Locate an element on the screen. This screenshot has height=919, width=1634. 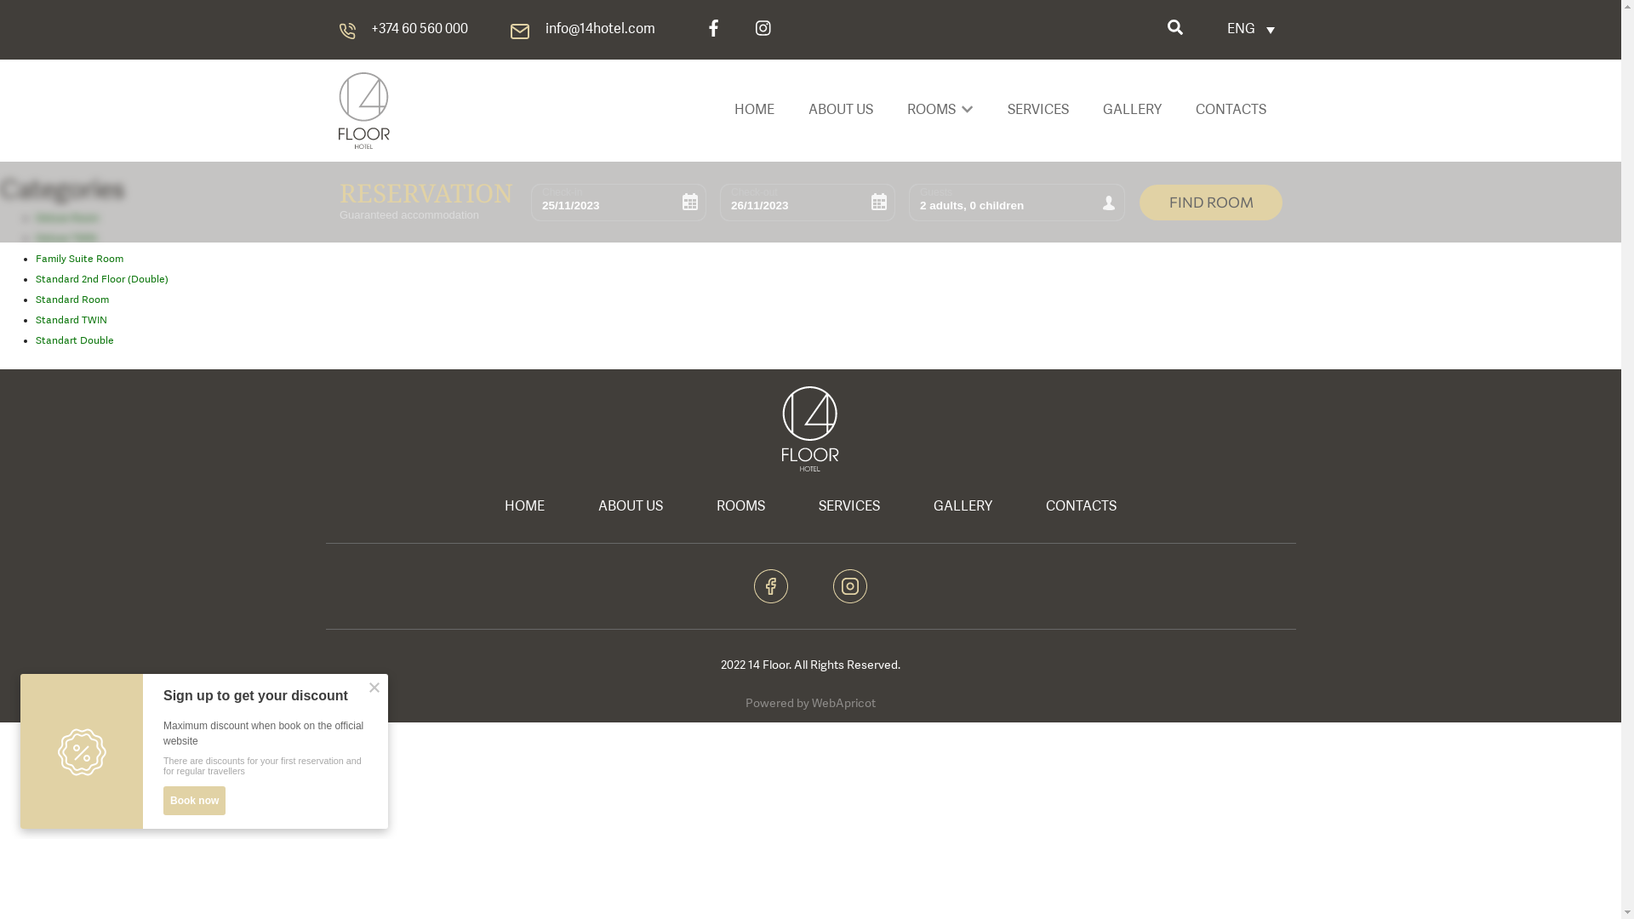
'GALLERY' is located at coordinates (906, 506).